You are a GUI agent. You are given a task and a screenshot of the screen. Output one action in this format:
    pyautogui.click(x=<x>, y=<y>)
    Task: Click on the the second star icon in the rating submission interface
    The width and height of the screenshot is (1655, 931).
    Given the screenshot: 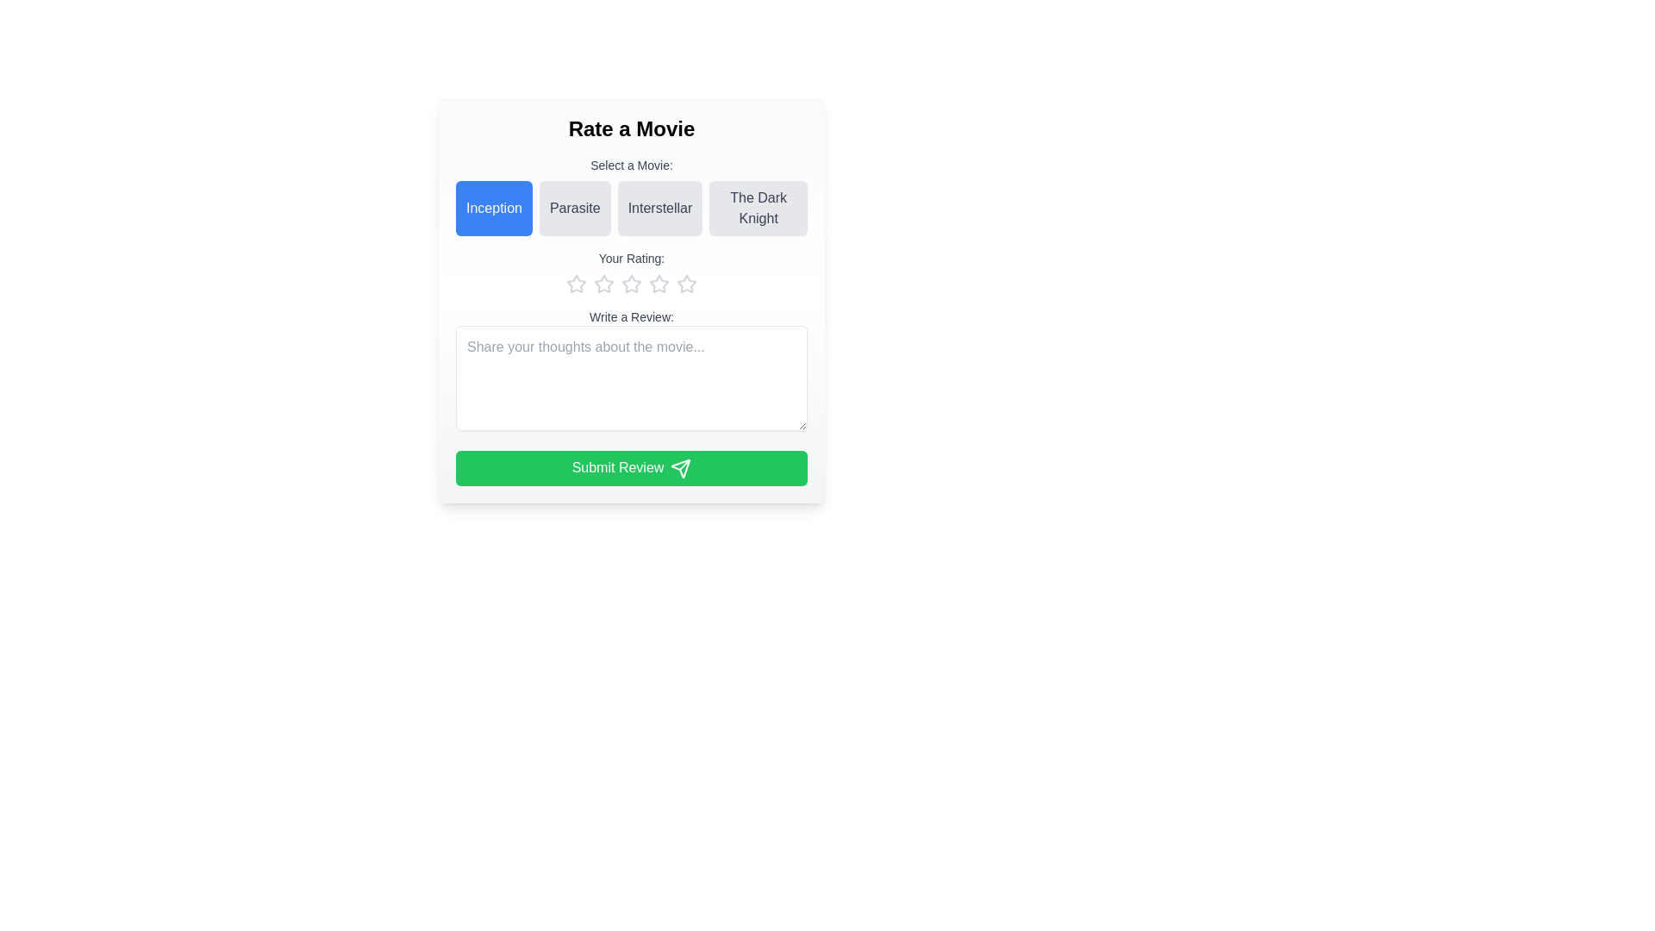 What is the action you would take?
    pyautogui.click(x=603, y=283)
    